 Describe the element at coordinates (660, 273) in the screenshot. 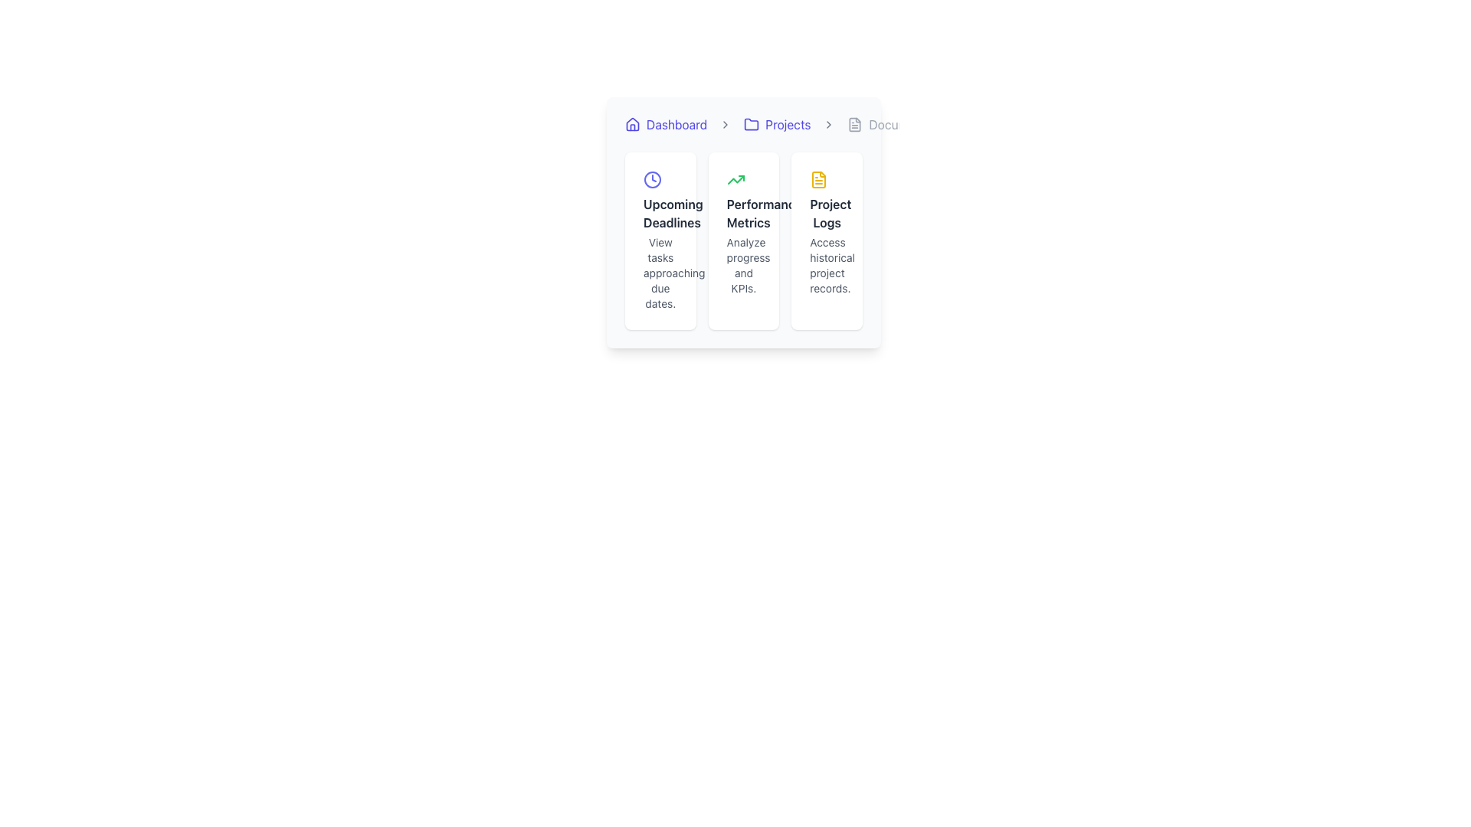

I see `the text providing additional descriptive information about the 'Upcoming Deadlines' section, located directly below the bold header within the leftmost card` at that location.